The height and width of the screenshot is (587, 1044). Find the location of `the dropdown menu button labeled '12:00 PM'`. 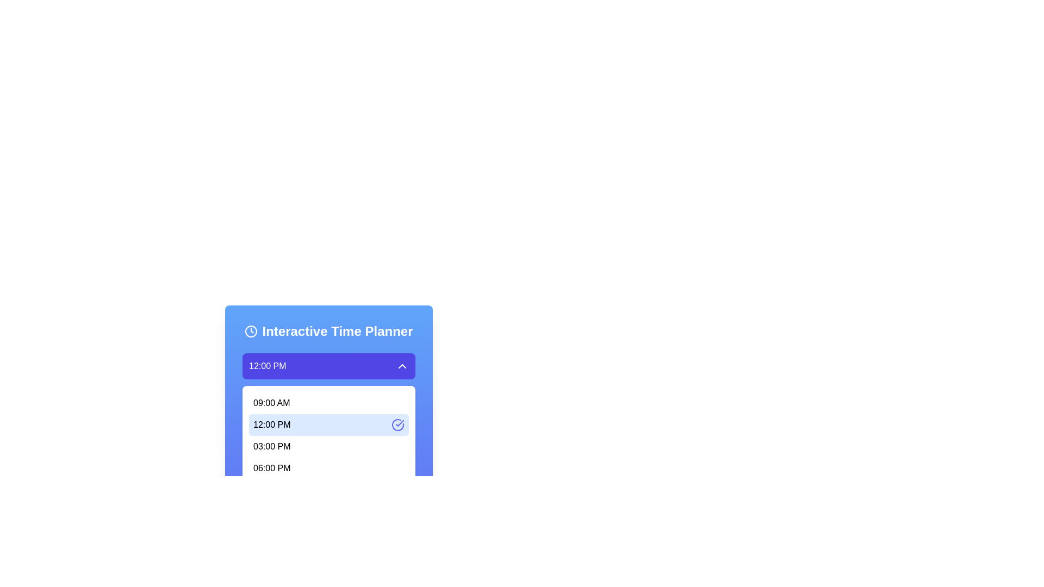

the dropdown menu button labeled '12:00 PM' is located at coordinates (328, 366).